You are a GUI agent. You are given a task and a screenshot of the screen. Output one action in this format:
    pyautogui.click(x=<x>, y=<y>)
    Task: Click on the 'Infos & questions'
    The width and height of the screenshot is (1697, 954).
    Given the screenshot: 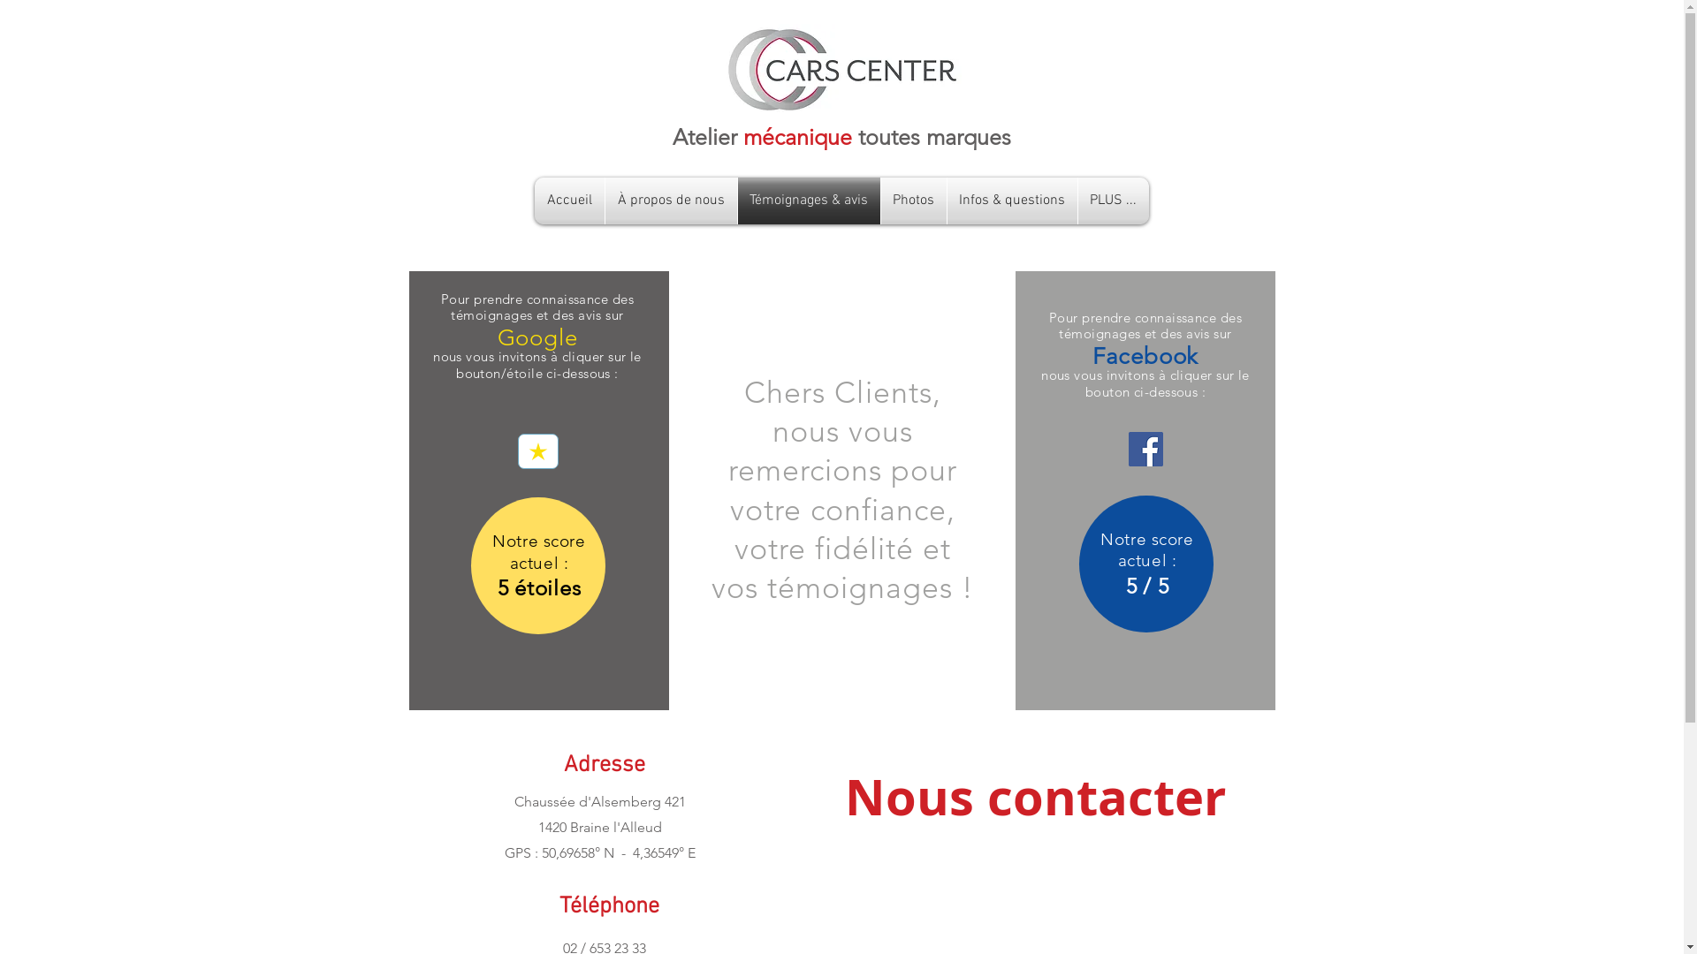 What is the action you would take?
    pyautogui.click(x=1012, y=200)
    